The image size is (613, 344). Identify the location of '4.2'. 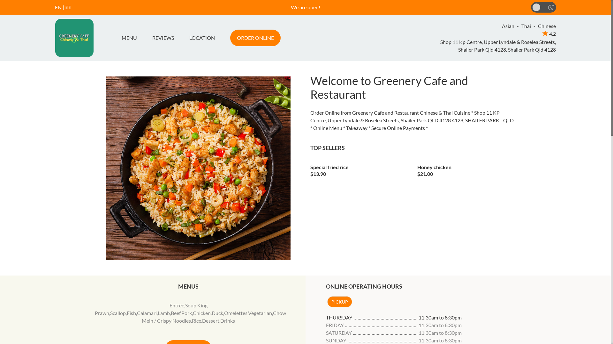
(549, 33).